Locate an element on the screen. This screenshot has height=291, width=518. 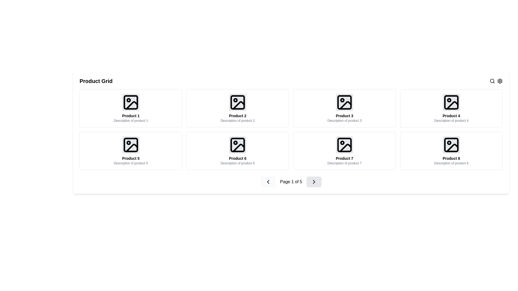
the text label displaying 'Description of product 8', which is in a smaller-sized, grayish font and centrally aligned below the title 'Product 8' is located at coordinates (451, 163).